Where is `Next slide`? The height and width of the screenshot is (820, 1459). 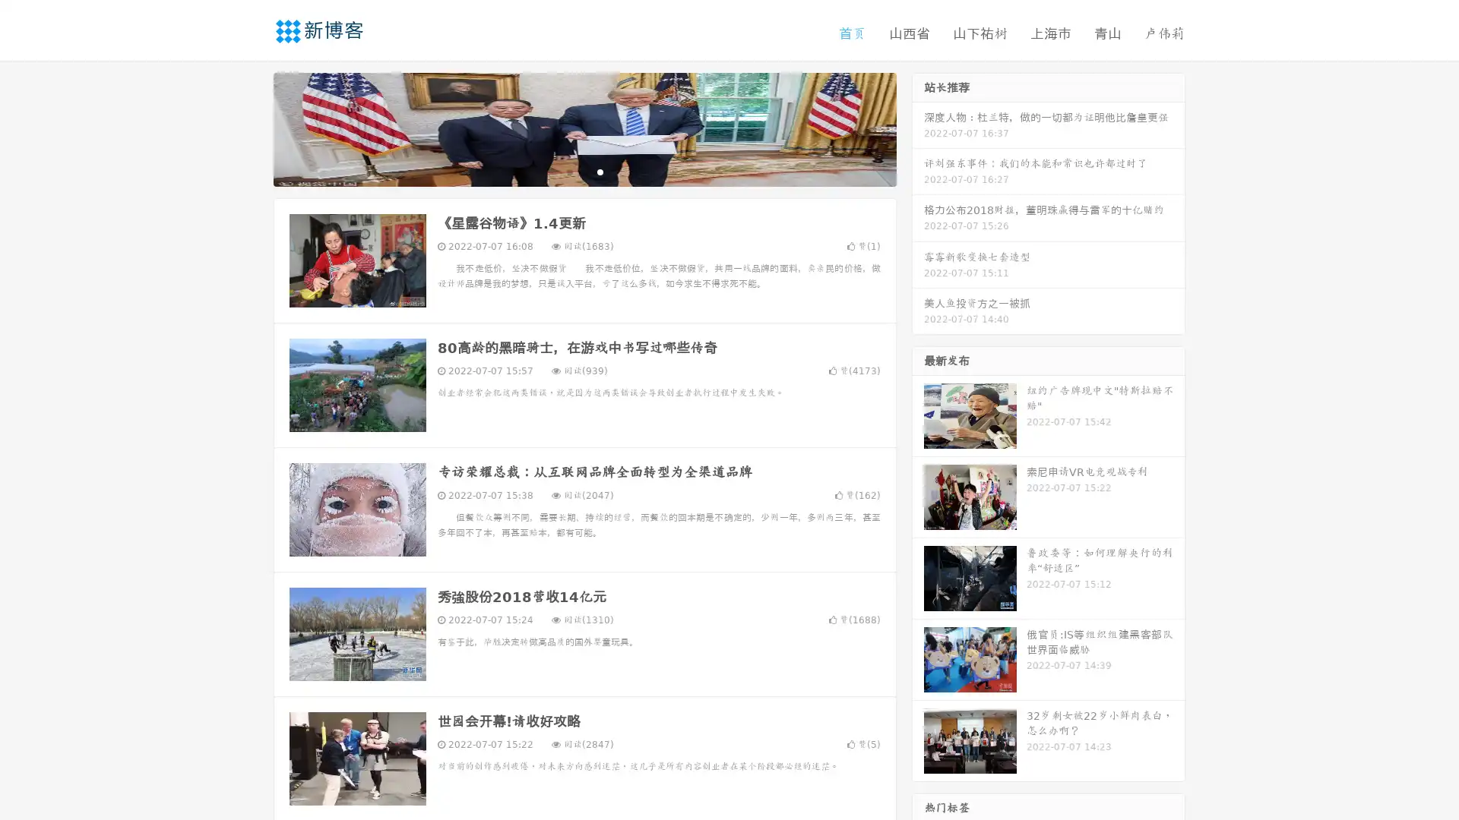
Next slide is located at coordinates (918, 128).